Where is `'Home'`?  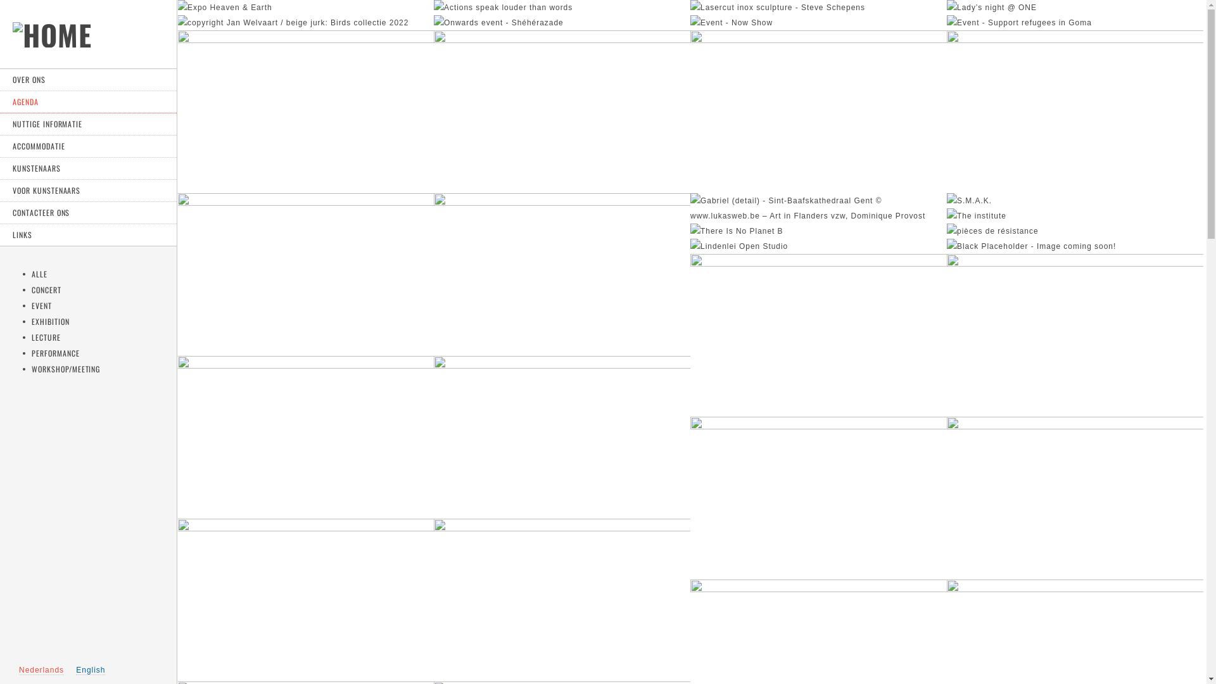 'Home' is located at coordinates (51, 42).